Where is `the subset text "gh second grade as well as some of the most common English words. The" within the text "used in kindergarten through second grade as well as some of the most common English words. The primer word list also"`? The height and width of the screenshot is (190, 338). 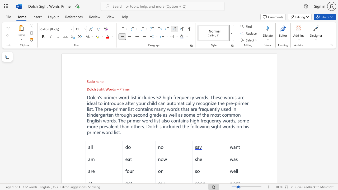 the subset text "gh second grade as well as some of the most common English words. The" within the text "used in kindergarten through second grade as well as some of the most common English words. The primer word list also" is located at coordinates (126, 115).